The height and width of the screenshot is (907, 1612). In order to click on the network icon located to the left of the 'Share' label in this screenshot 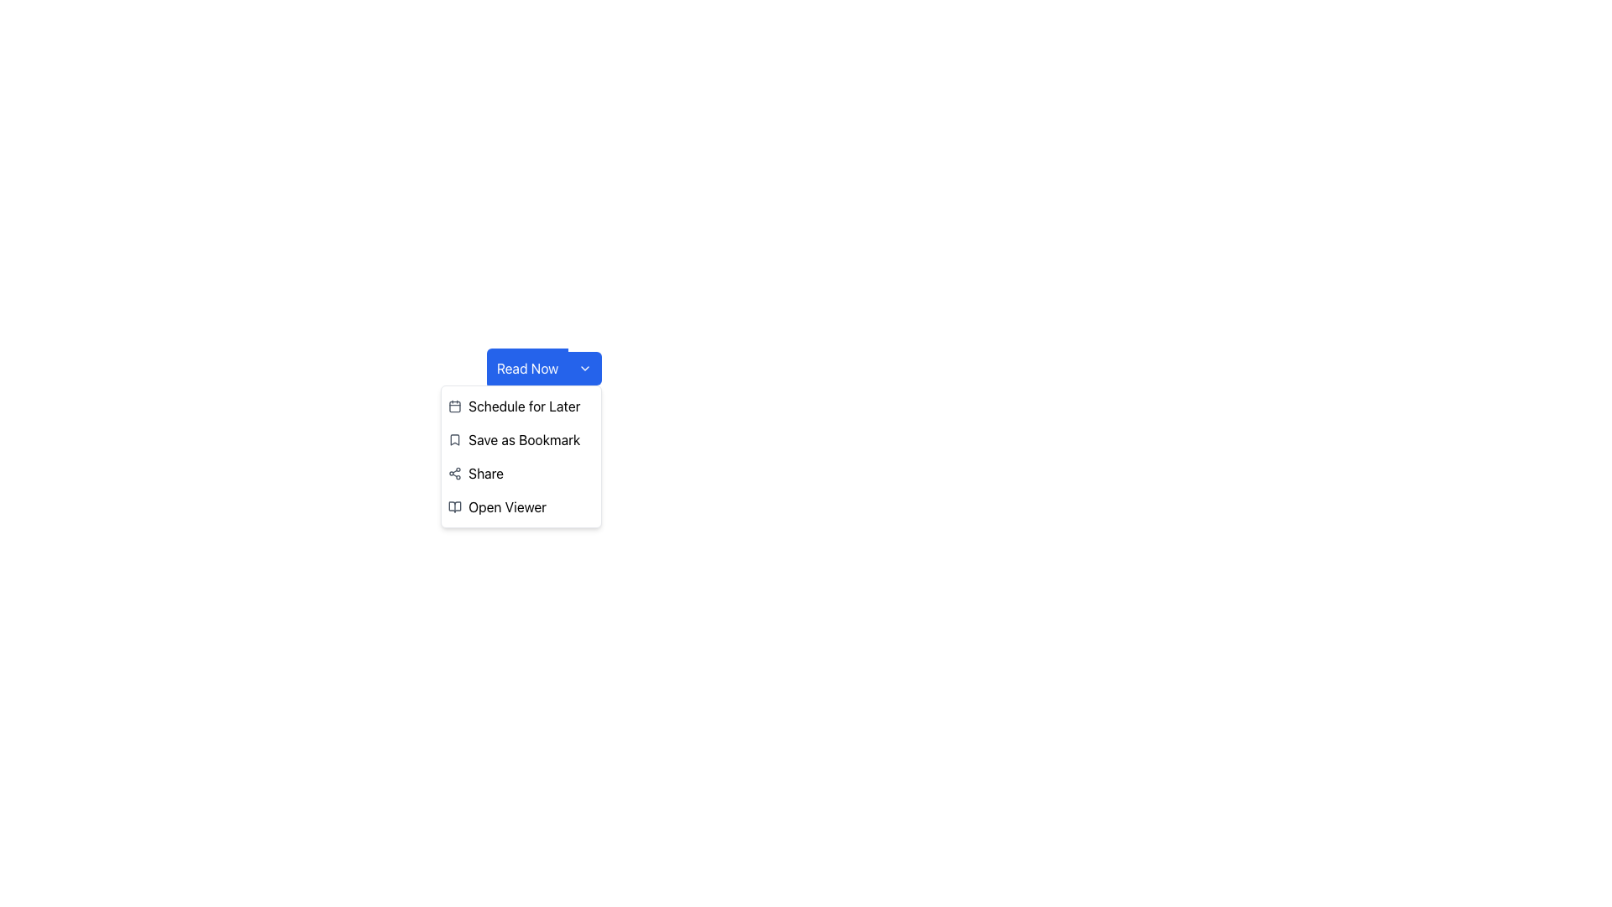, I will do `click(455, 473)`.